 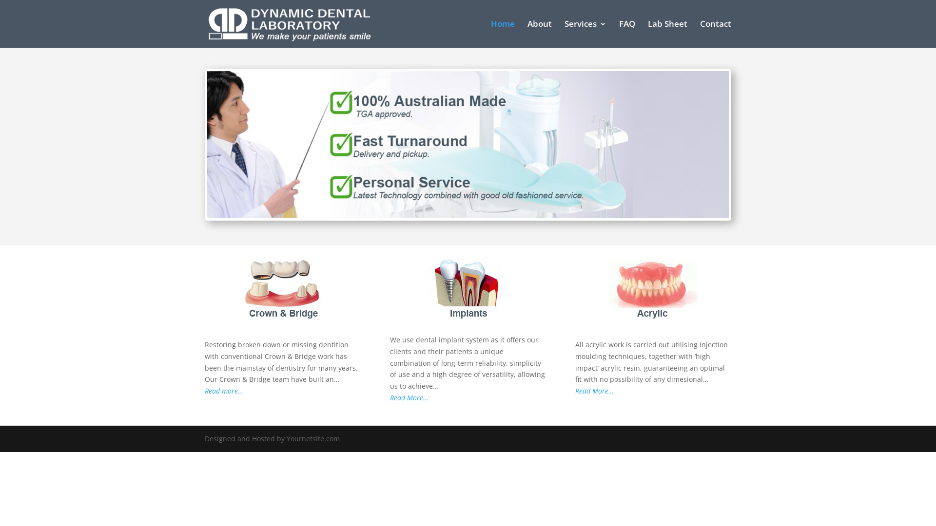 What do you see at coordinates (667, 33) in the screenshot?
I see `'Lab Sheet'` at bounding box center [667, 33].